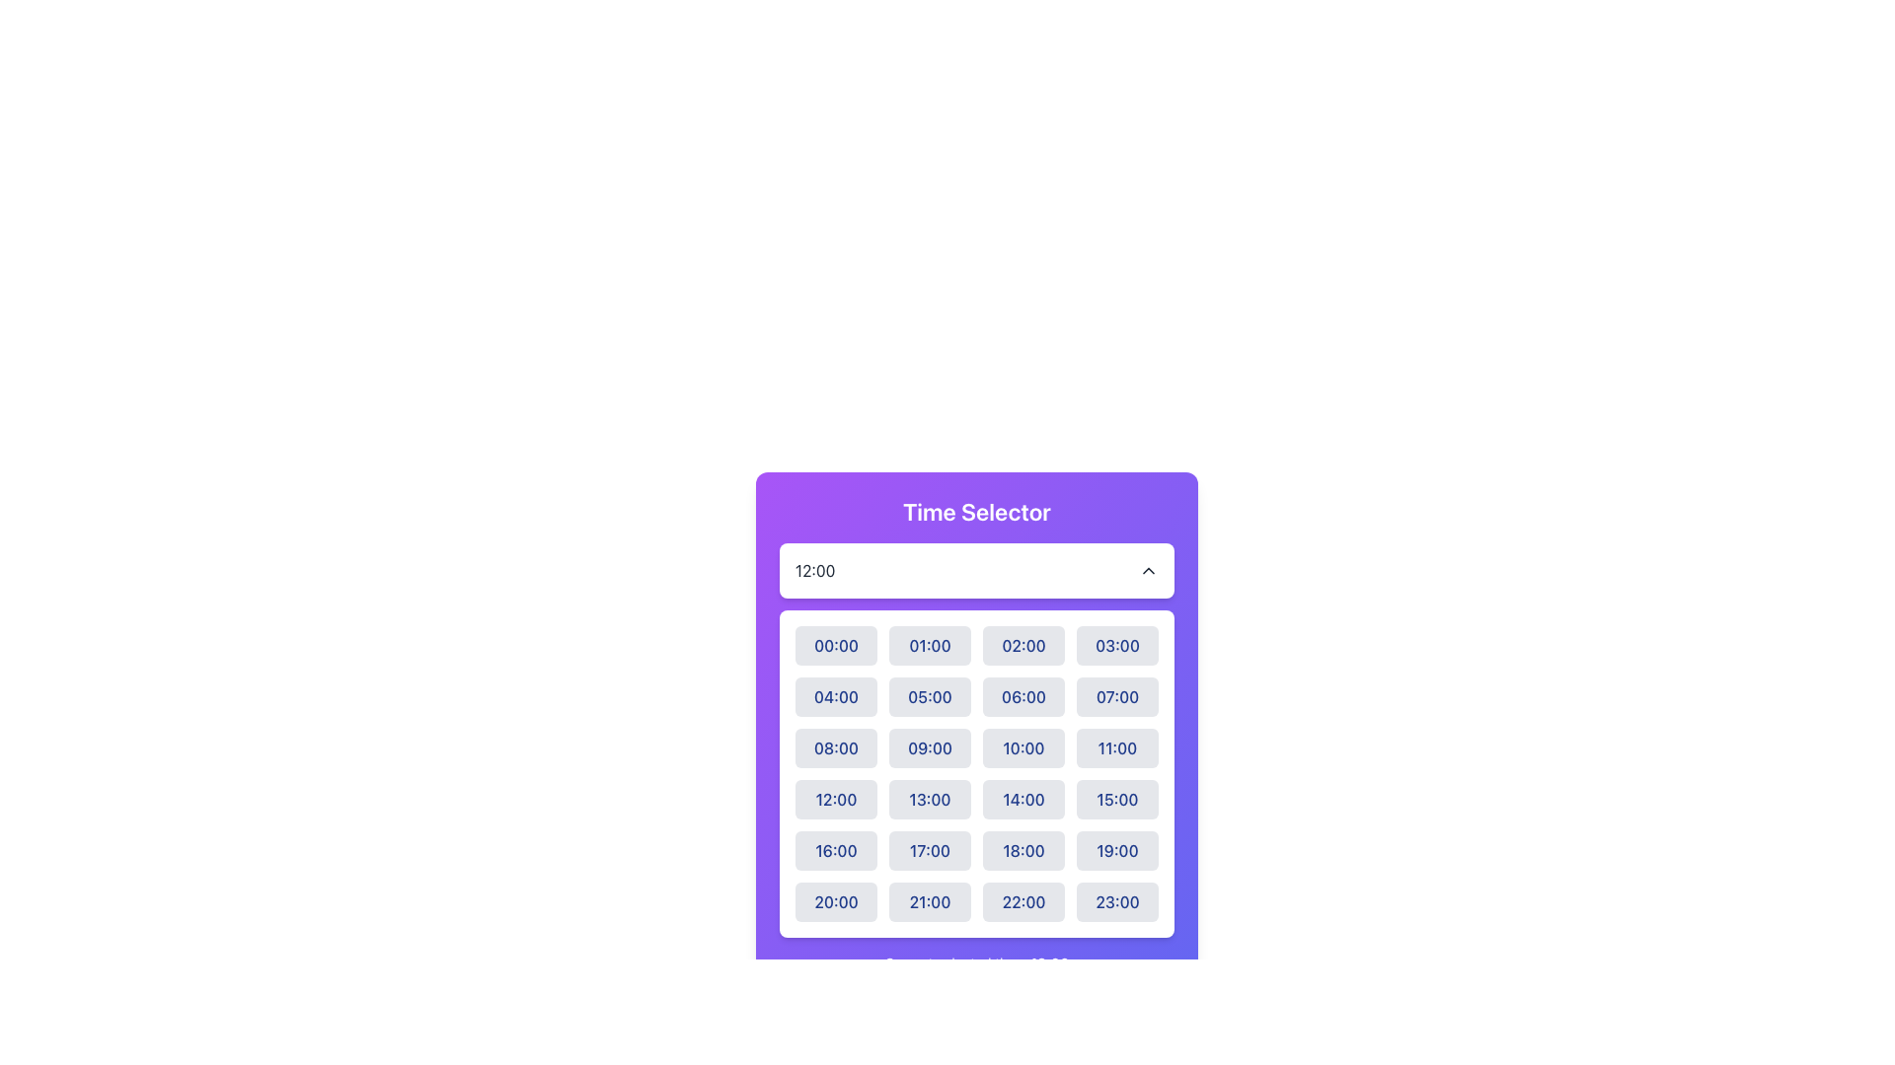 The image size is (1895, 1065). What do you see at coordinates (1117, 799) in the screenshot?
I see `the rectangular button with light gray background and bold blue text '15:00' located in the fourth column of the fourth row in the time selector grid` at bounding box center [1117, 799].